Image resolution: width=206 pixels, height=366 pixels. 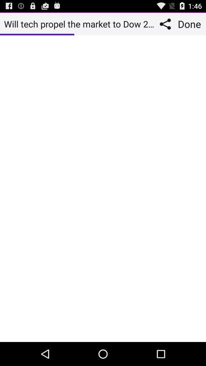 I want to click on icon at the center, so click(x=103, y=188).